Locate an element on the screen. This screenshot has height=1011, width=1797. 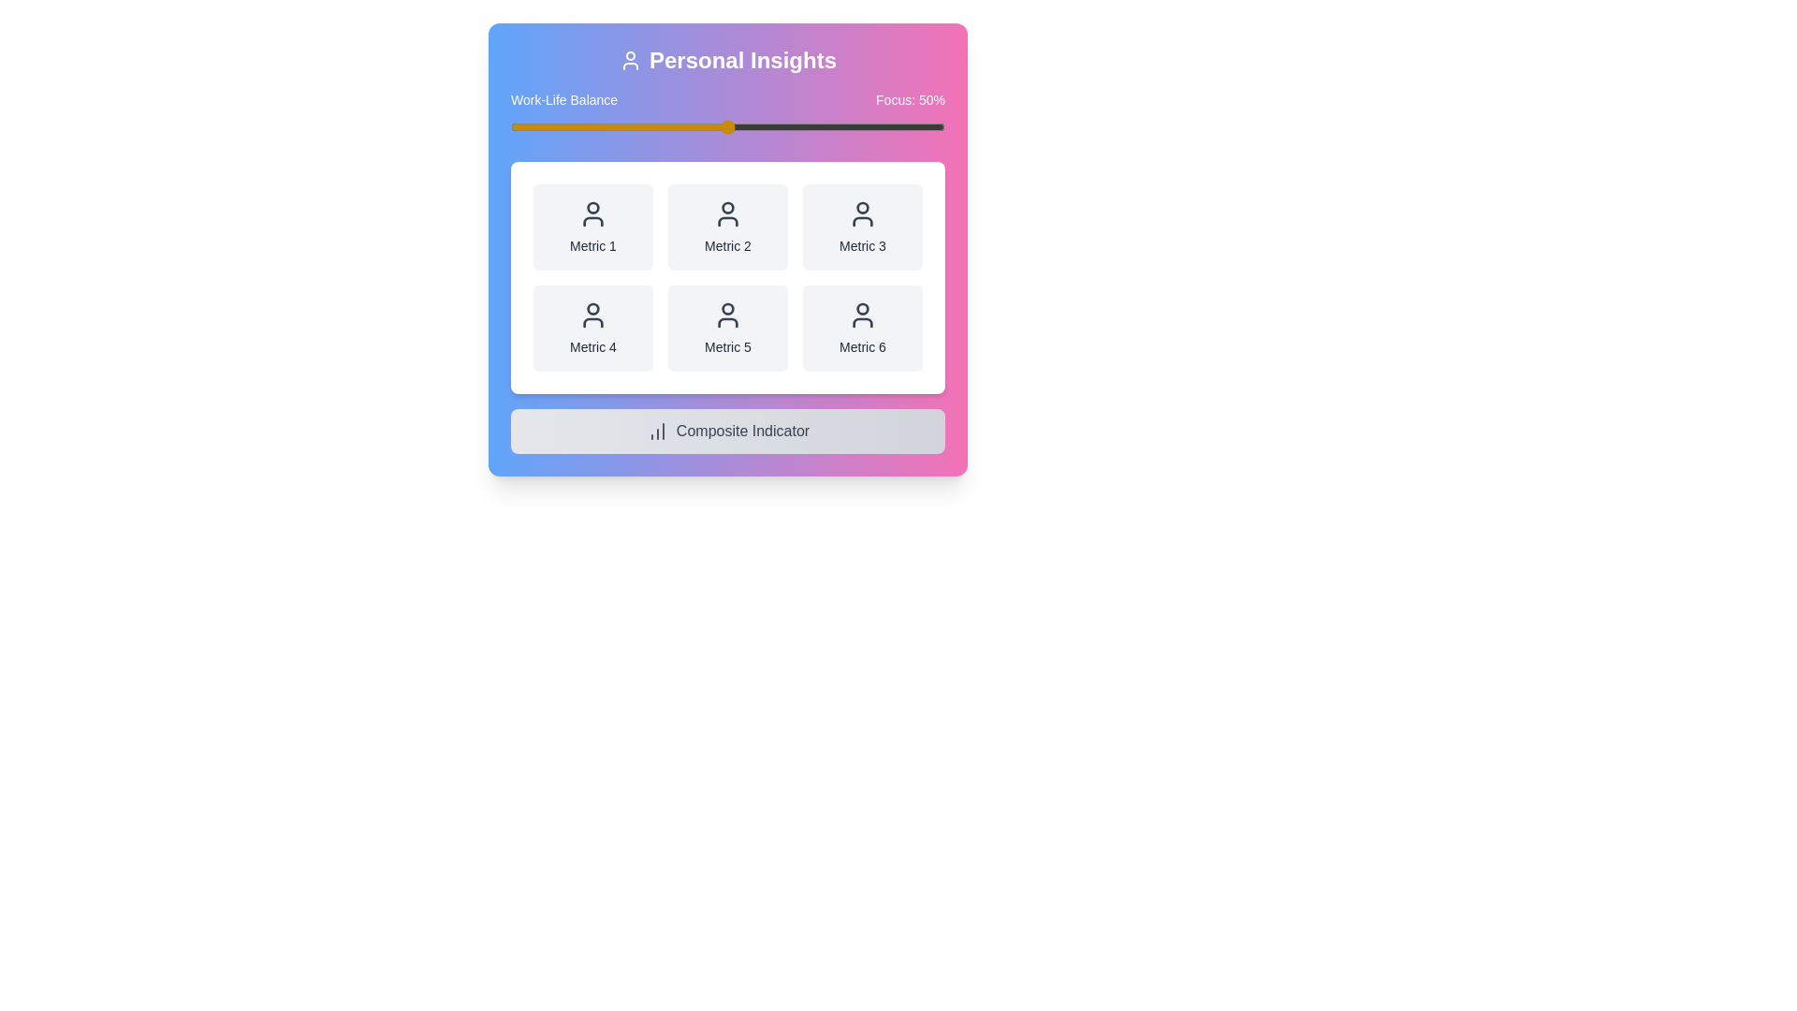
the slider to set the focus percentage to 16 is located at coordinates (579, 126).